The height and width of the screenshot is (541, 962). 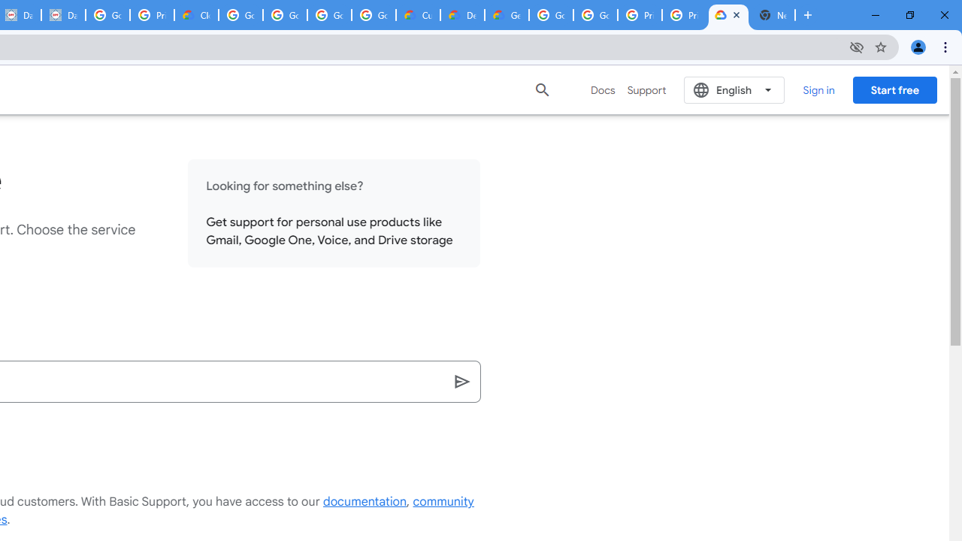 I want to click on 'Docs', so click(x=603, y=89).